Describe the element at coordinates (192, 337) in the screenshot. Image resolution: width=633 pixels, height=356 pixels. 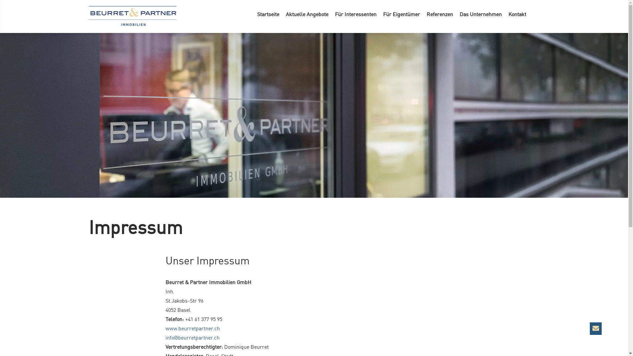
I see `'info@beurretpartner.ch'` at that location.